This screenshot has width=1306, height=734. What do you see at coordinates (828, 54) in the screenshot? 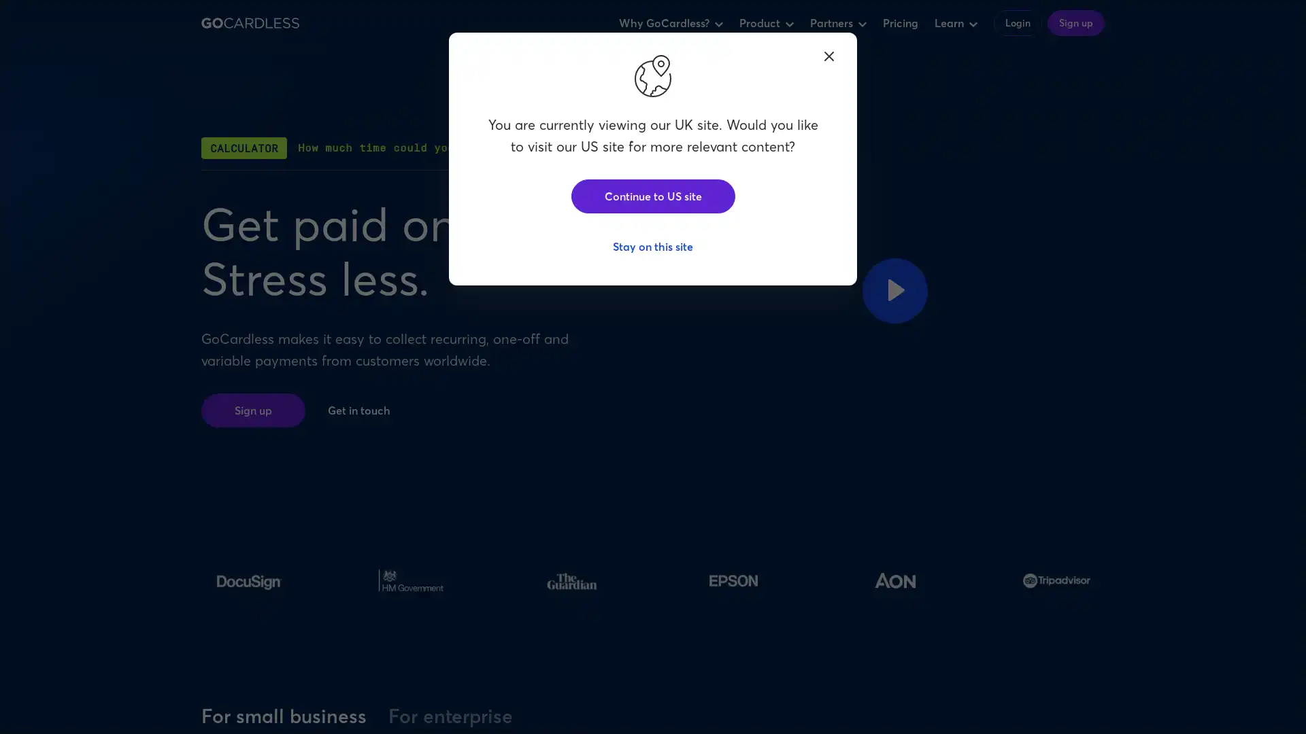
I see `Close` at bounding box center [828, 54].